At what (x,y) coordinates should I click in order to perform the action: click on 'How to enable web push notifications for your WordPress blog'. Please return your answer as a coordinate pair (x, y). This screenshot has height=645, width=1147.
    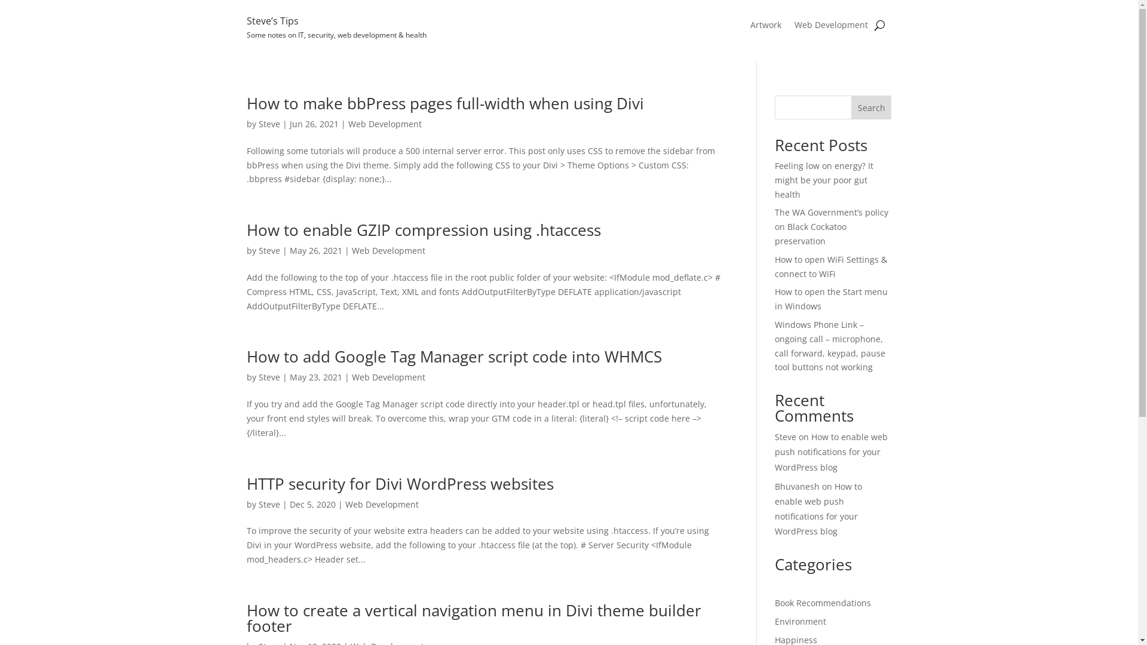
    Looking at the image, I should click on (830, 451).